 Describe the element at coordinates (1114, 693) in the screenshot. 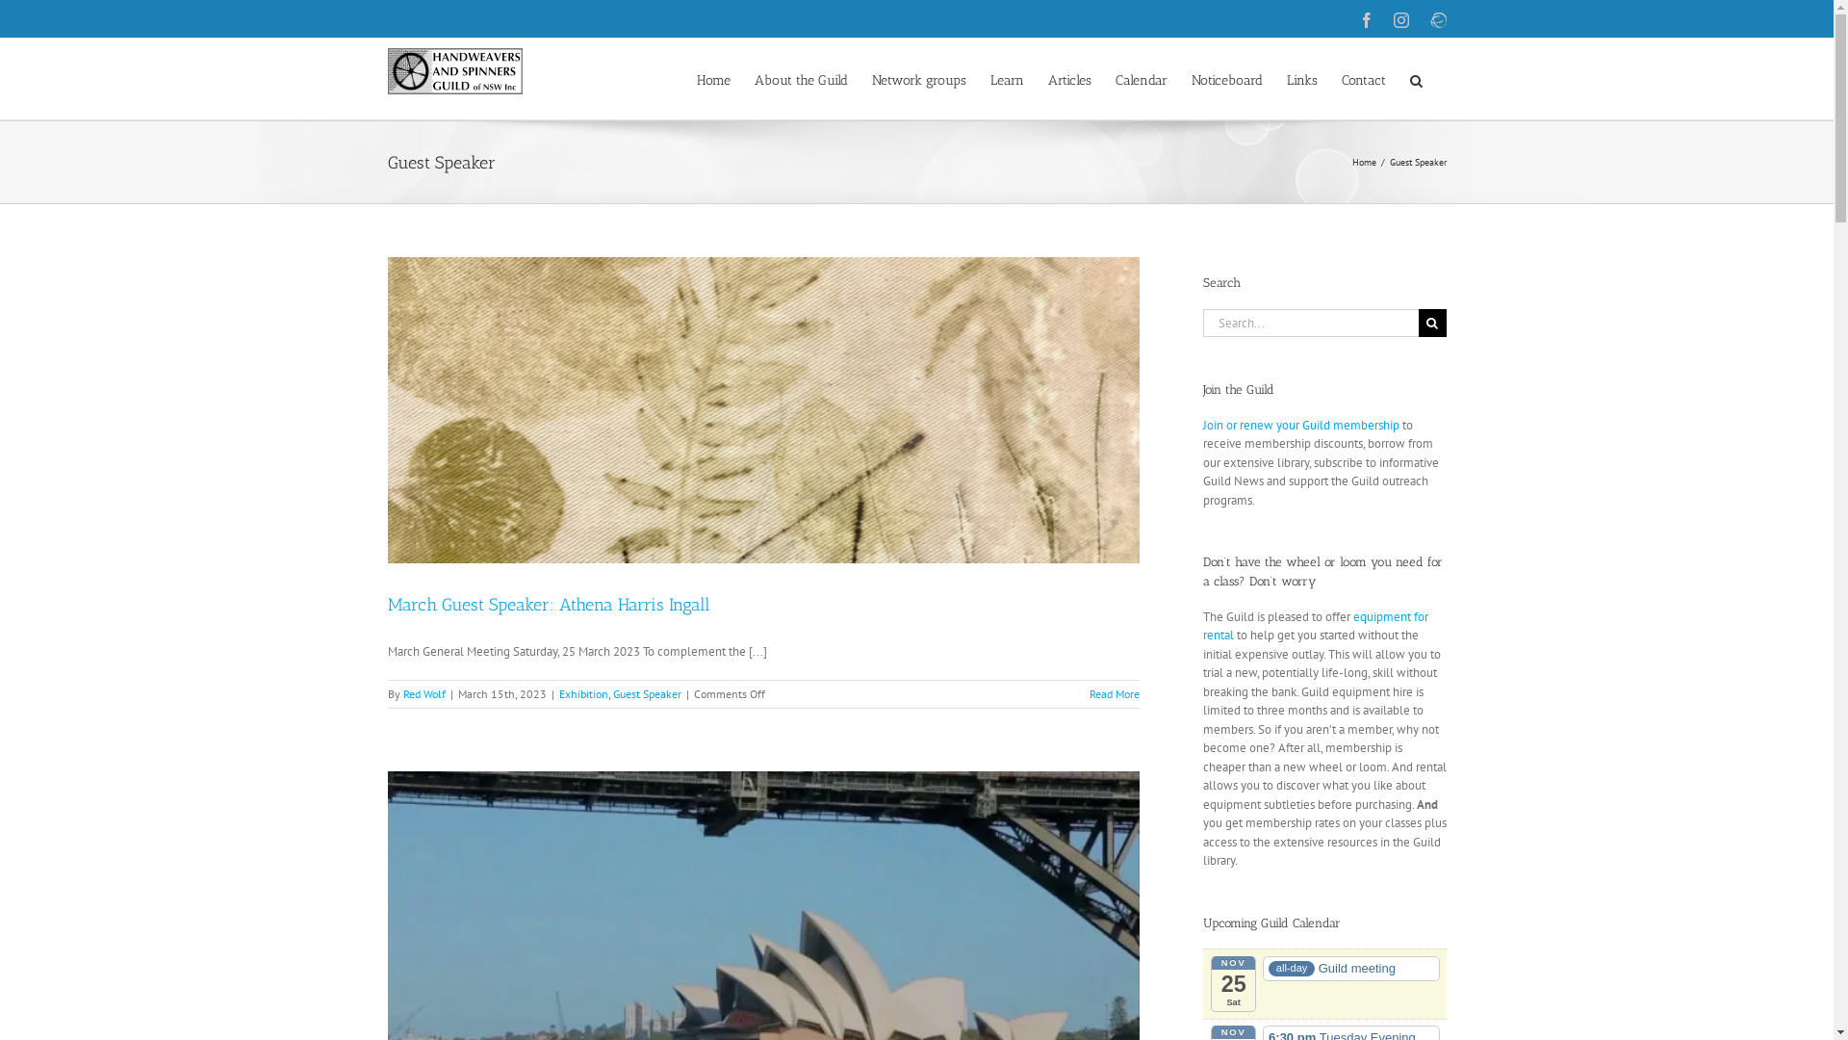

I see `'Read More'` at that location.